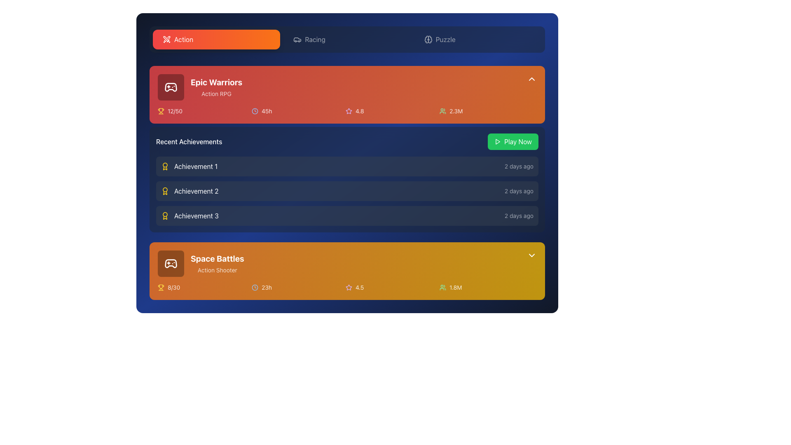  What do you see at coordinates (189, 215) in the screenshot?
I see `the 'Achievement 3' text with an icon located as the third item` at bounding box center [189, 215].